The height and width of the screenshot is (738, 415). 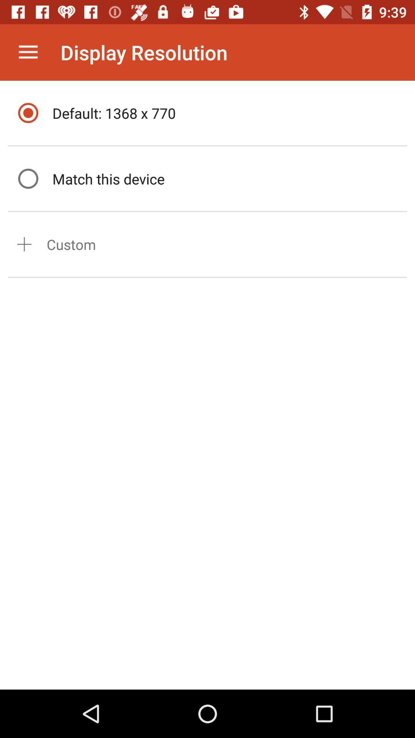 I want to click on match this device item, so click(x=227, y=178).